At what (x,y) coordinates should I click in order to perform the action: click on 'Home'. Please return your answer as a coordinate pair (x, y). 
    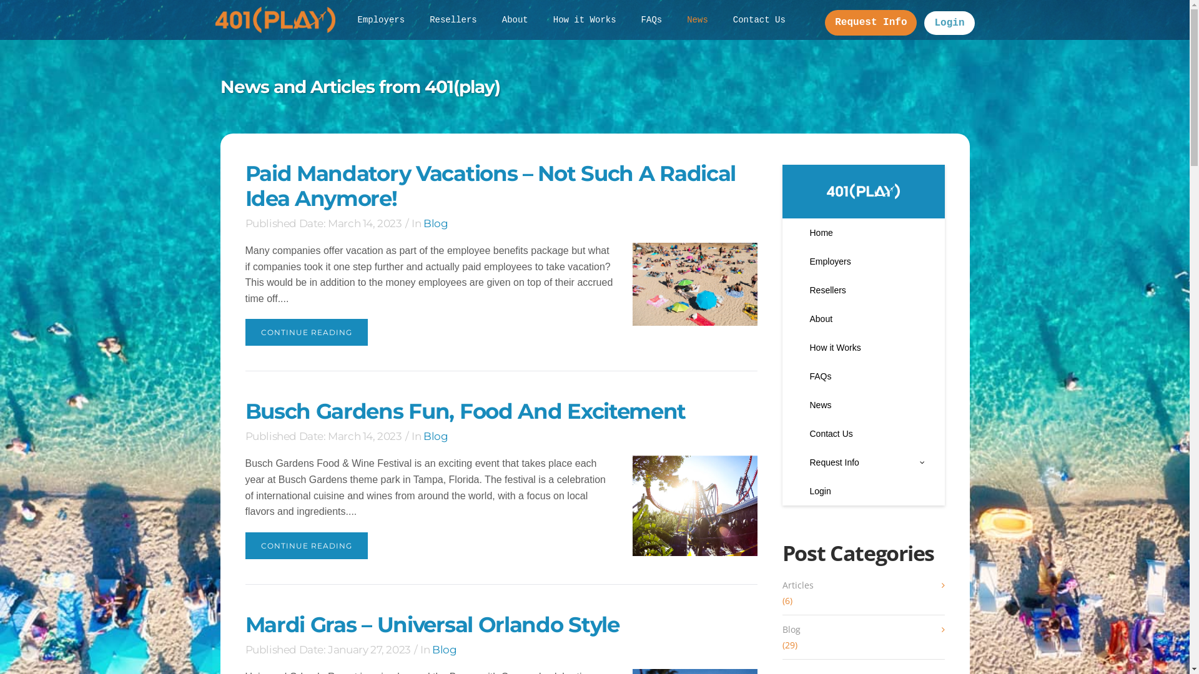
    Looking at the image, I should click on (862, 233).